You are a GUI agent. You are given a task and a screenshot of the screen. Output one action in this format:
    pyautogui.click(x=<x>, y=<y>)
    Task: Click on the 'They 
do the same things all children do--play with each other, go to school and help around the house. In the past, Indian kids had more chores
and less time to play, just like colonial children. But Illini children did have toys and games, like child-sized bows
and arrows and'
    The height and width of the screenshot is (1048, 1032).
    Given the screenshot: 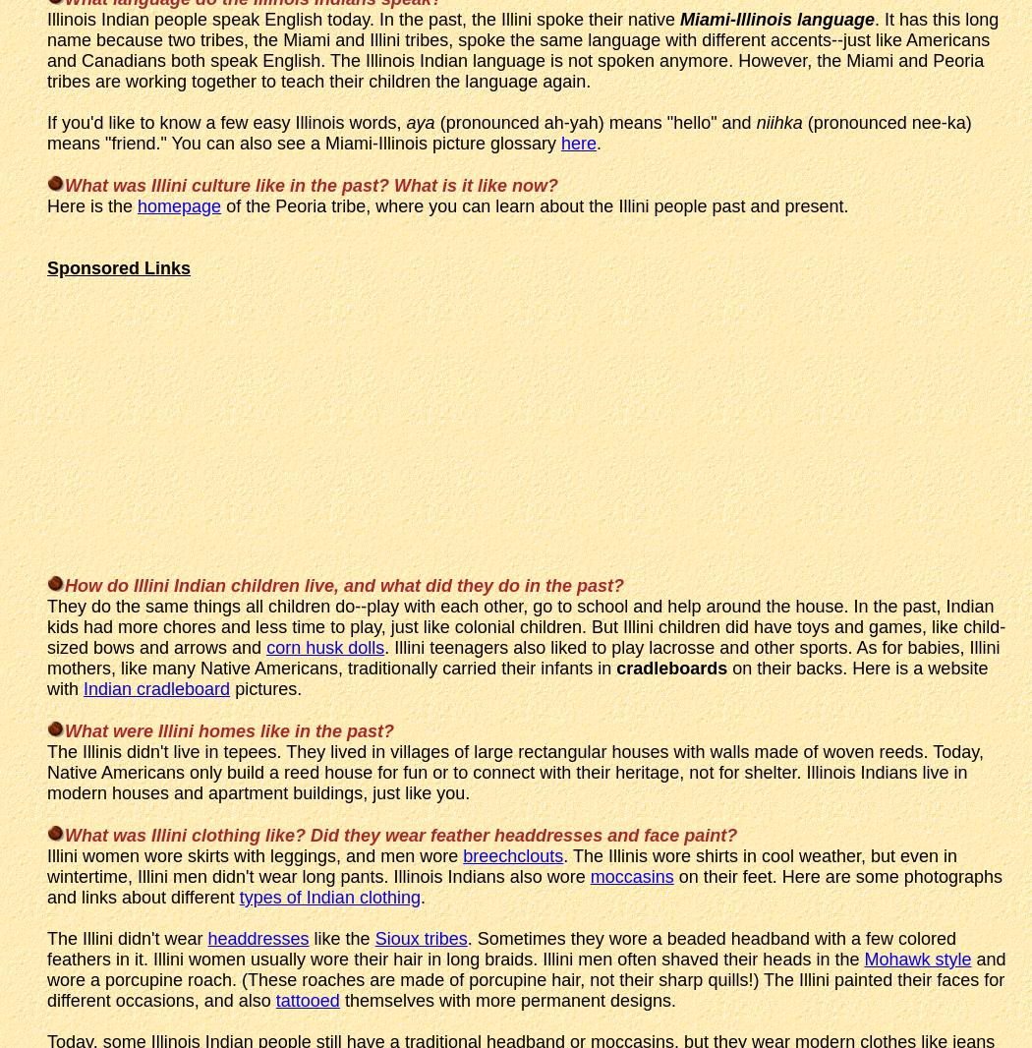 What is the action you would take?
    pyautogui.click(x=526, y=625)
    